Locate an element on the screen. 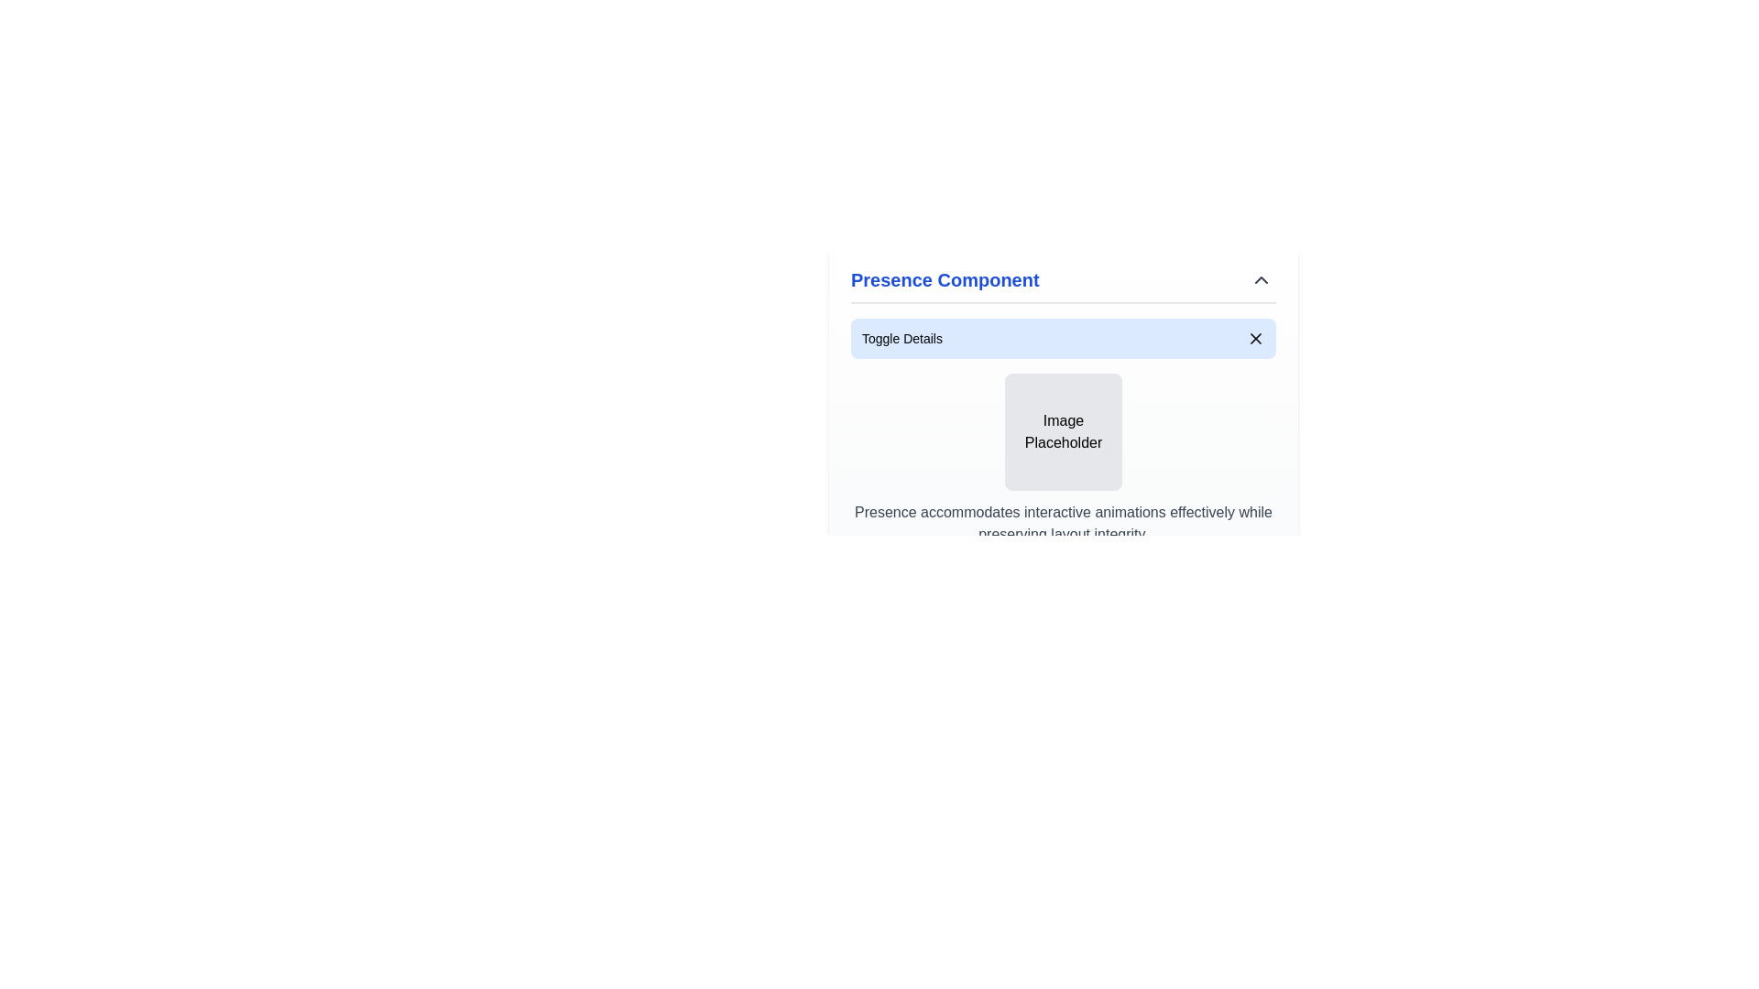 This screenshot has height=989, width=1759. the gray rectangular 'Image Placeholder' element with rounded corners, which is centrally positioned below the 'Toggle Details' bar and above the explanation text is located at coordinates (1064, 431).